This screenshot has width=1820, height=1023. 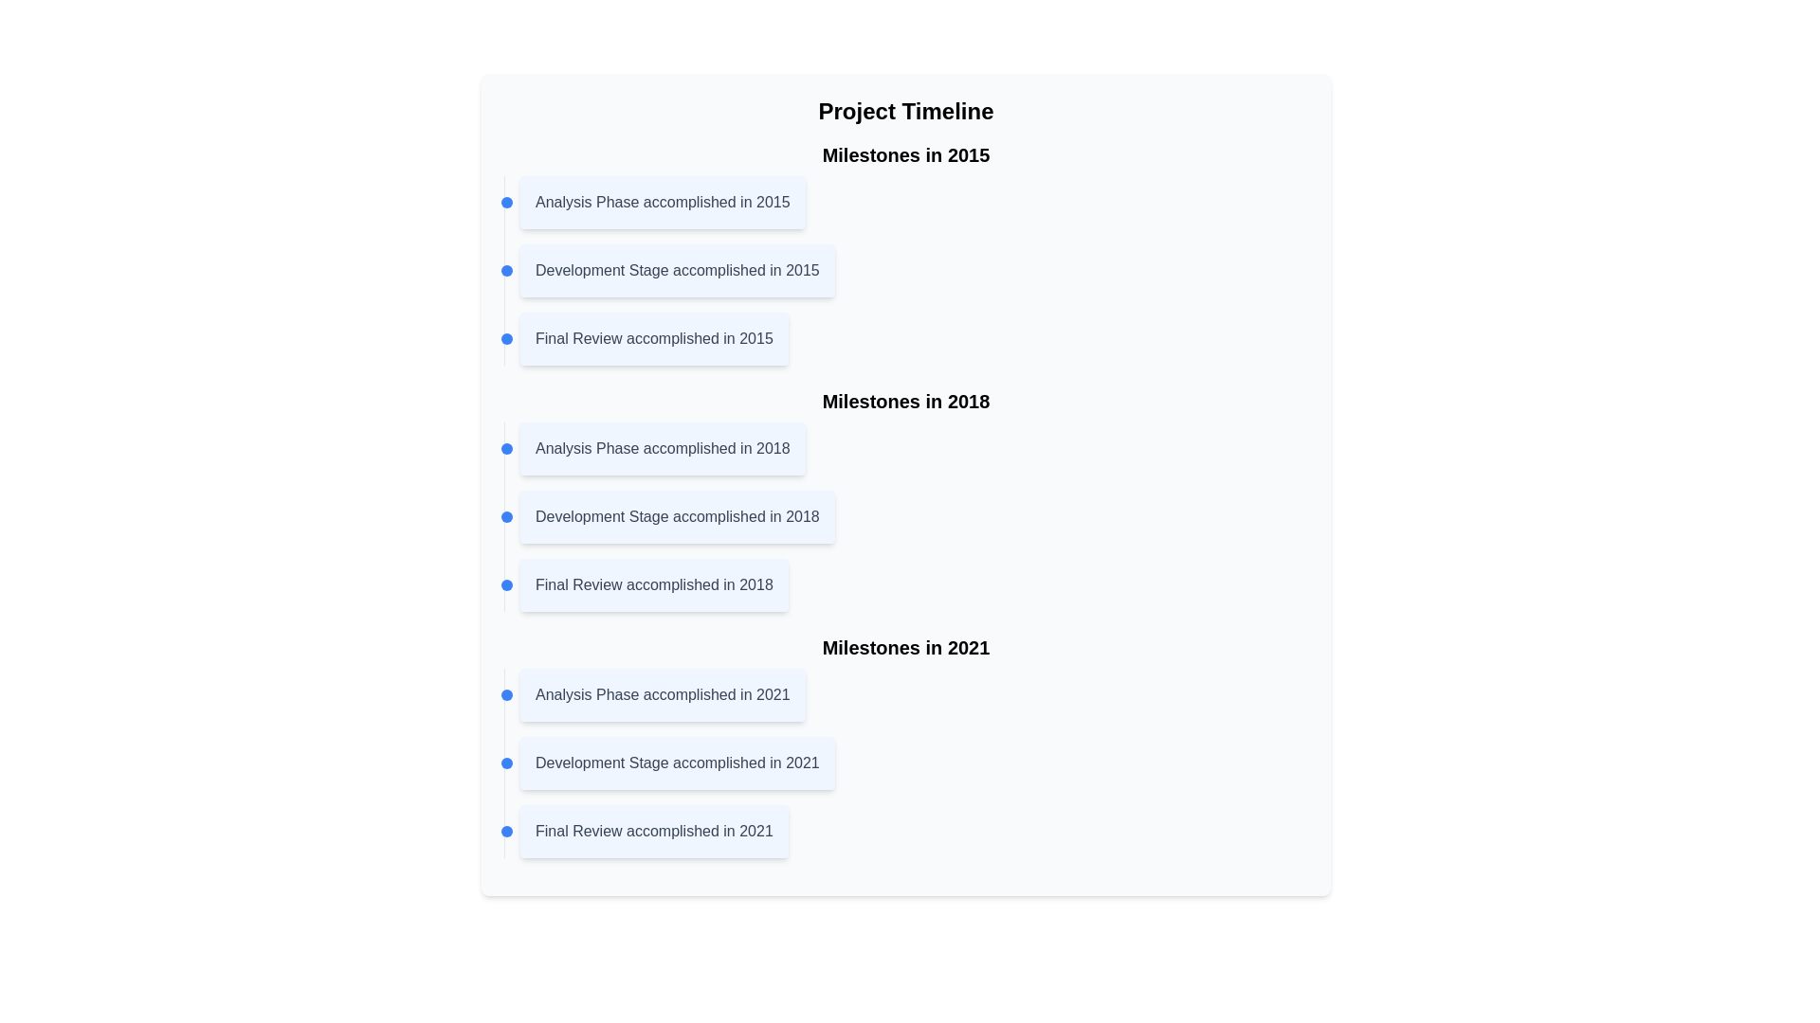 What do you see at coordinates (654, 831) in the screenshot?
I see `the static text display component for the timeline milestone that shows 'Final Review accomplished in 2021', which is the last entry under the 'Milestones in 2021' section` at bounding box center [654, 831].